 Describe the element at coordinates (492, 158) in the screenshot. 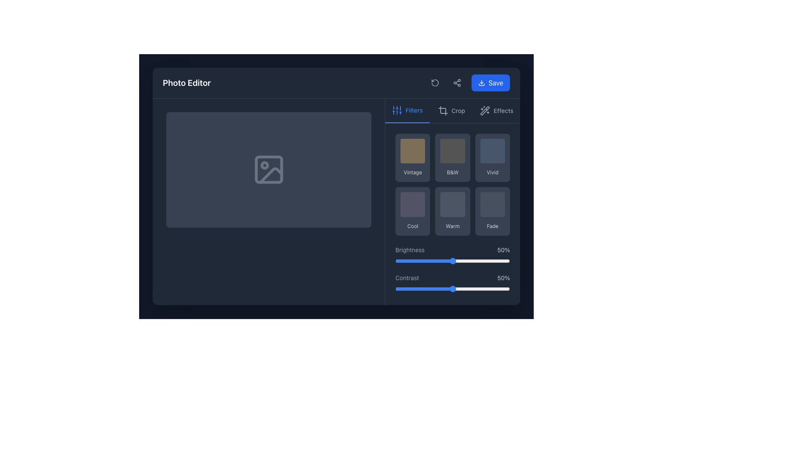

I see `the 'Vivid' filter button located in the grid of filter options to apply the filter to the image` at that location.